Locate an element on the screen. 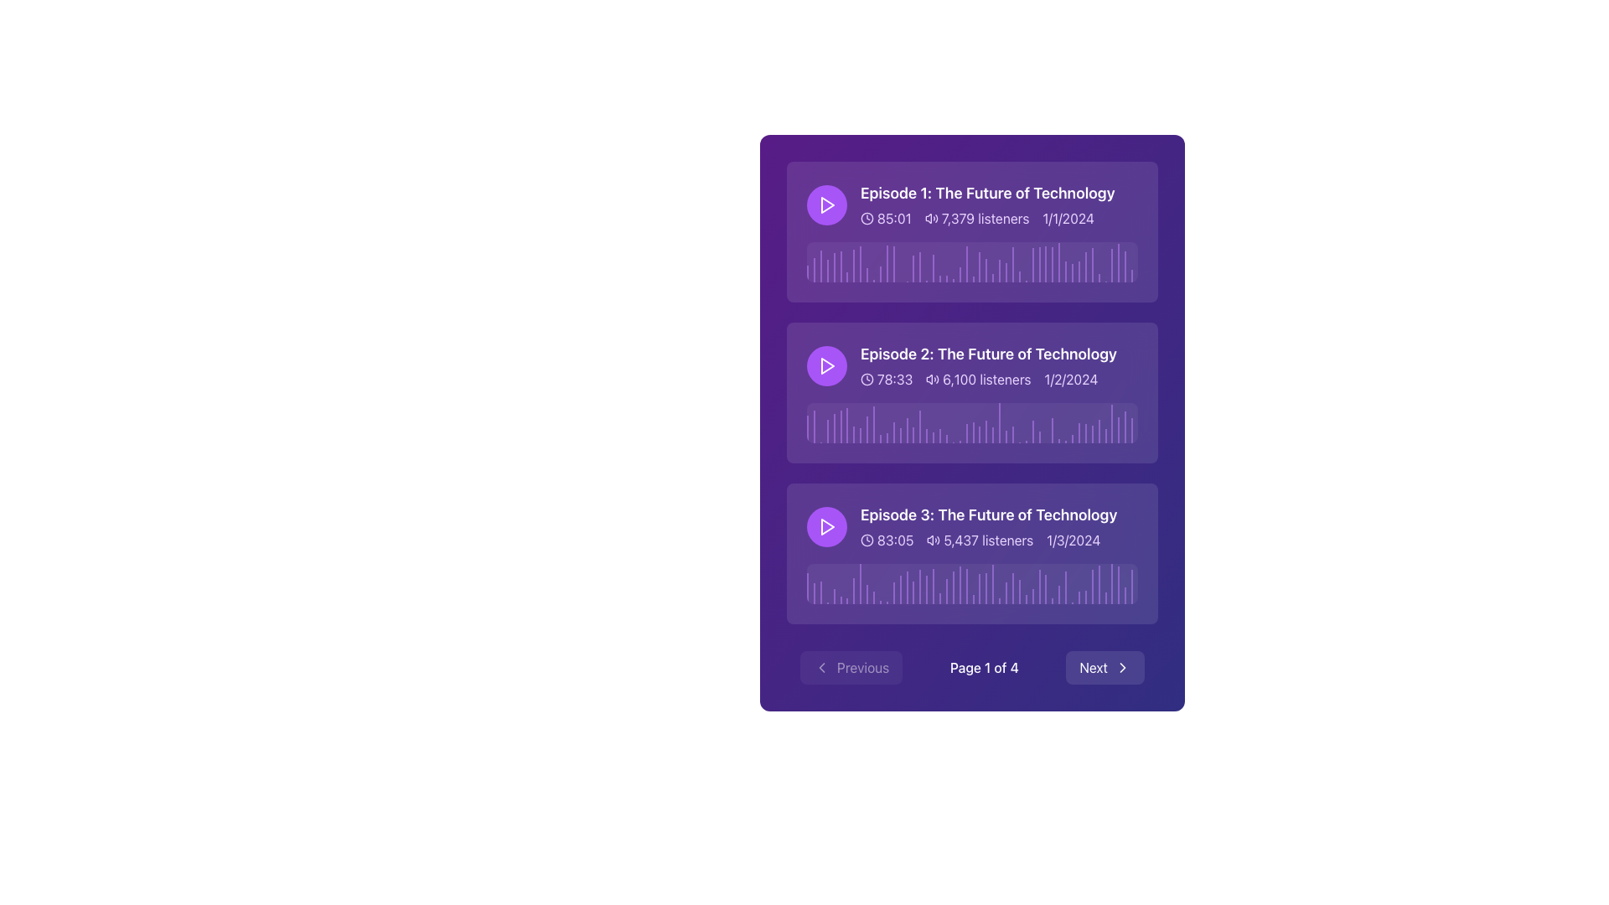 This screenshot has height=905, width=1609. the text display that shows the number of listeners for 'Episode 3: The Future of Technology', located between the time duration '83:05' and the date '1/3/2024' is located at coordinates (980, 540).